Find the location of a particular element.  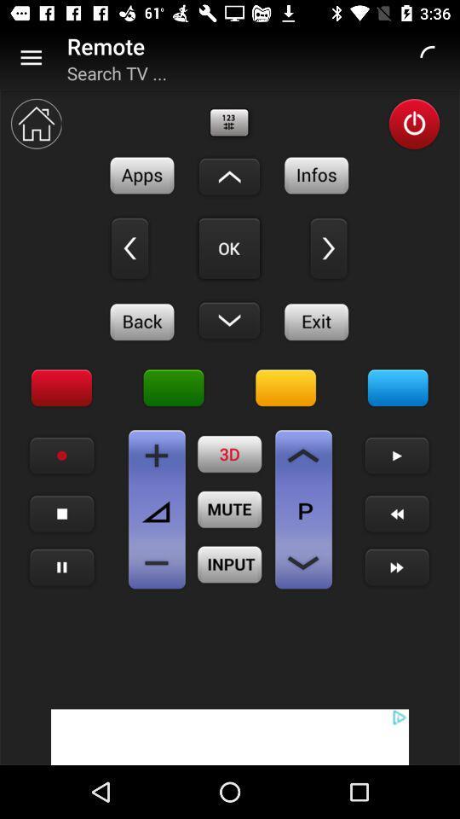

go next is located at coordinates (329, 247).